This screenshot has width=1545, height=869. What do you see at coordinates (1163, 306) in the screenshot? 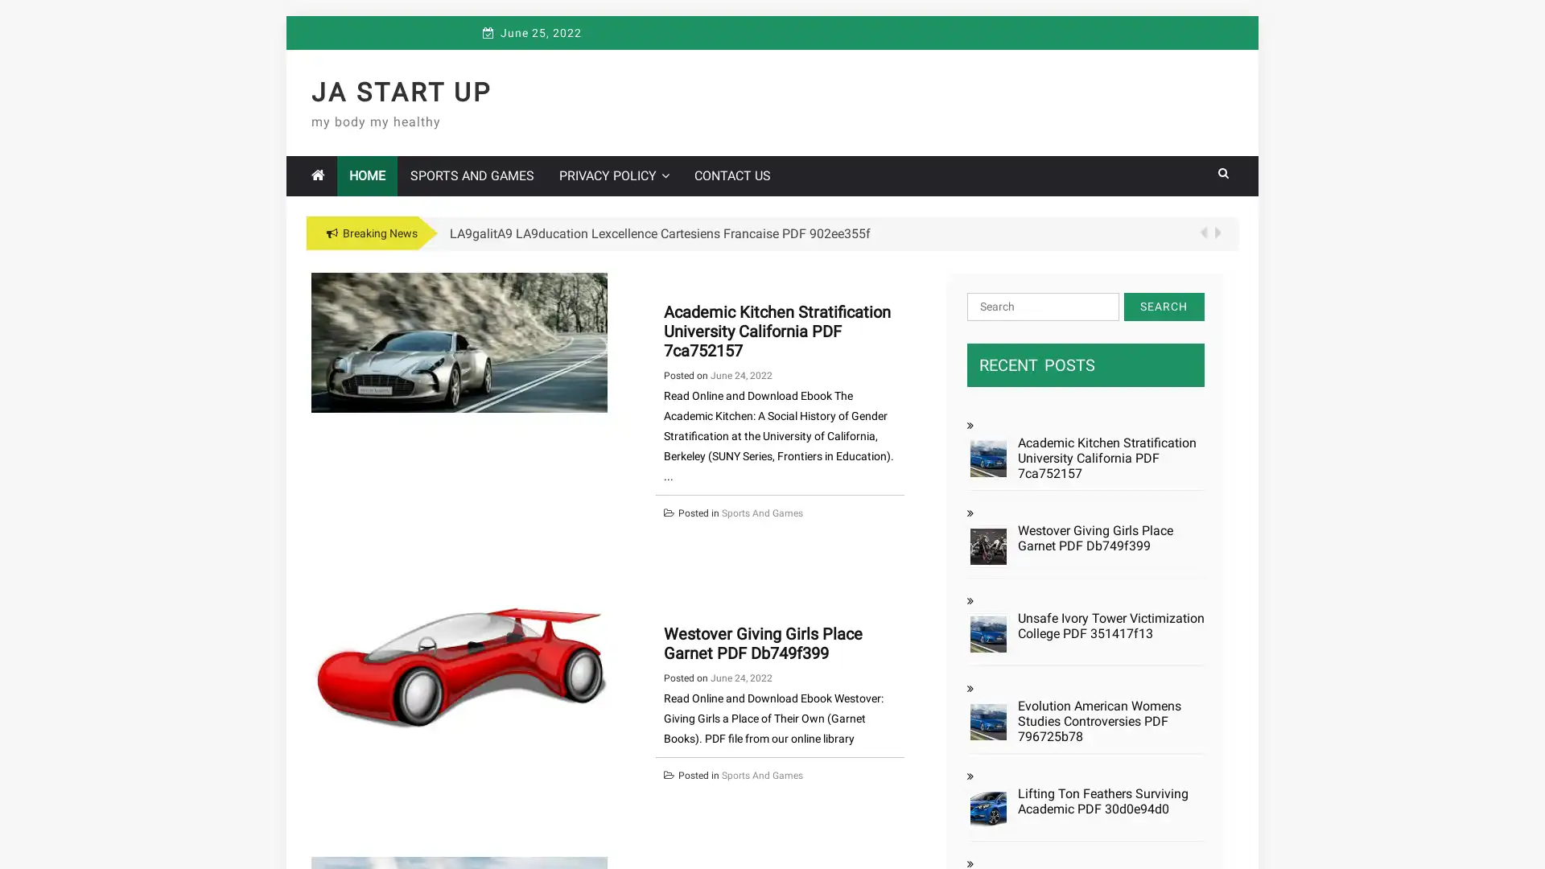
I see `Search` at bounding box center [1163, 306].